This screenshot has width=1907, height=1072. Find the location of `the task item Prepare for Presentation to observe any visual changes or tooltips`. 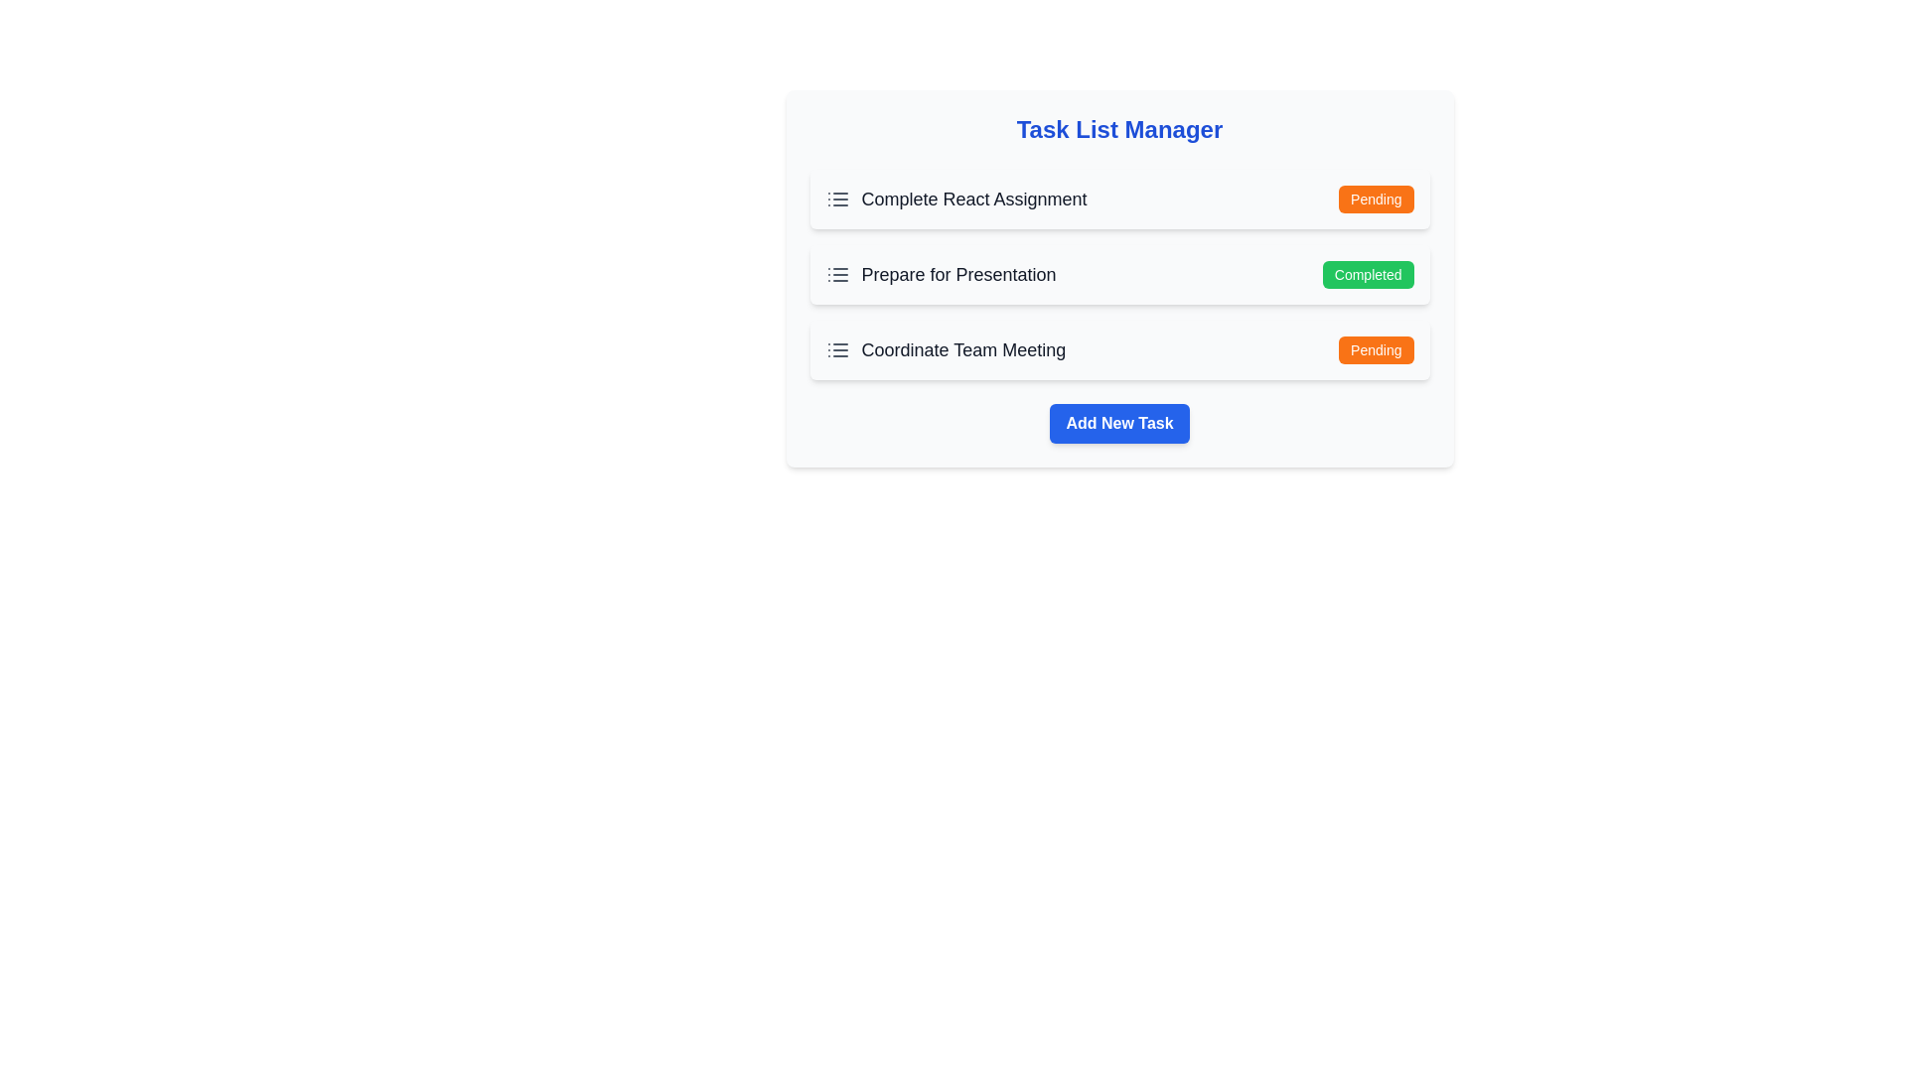

the task item Prepare for Presentation to observe any visual changes or tooltips is located at coordinates (939, 275).